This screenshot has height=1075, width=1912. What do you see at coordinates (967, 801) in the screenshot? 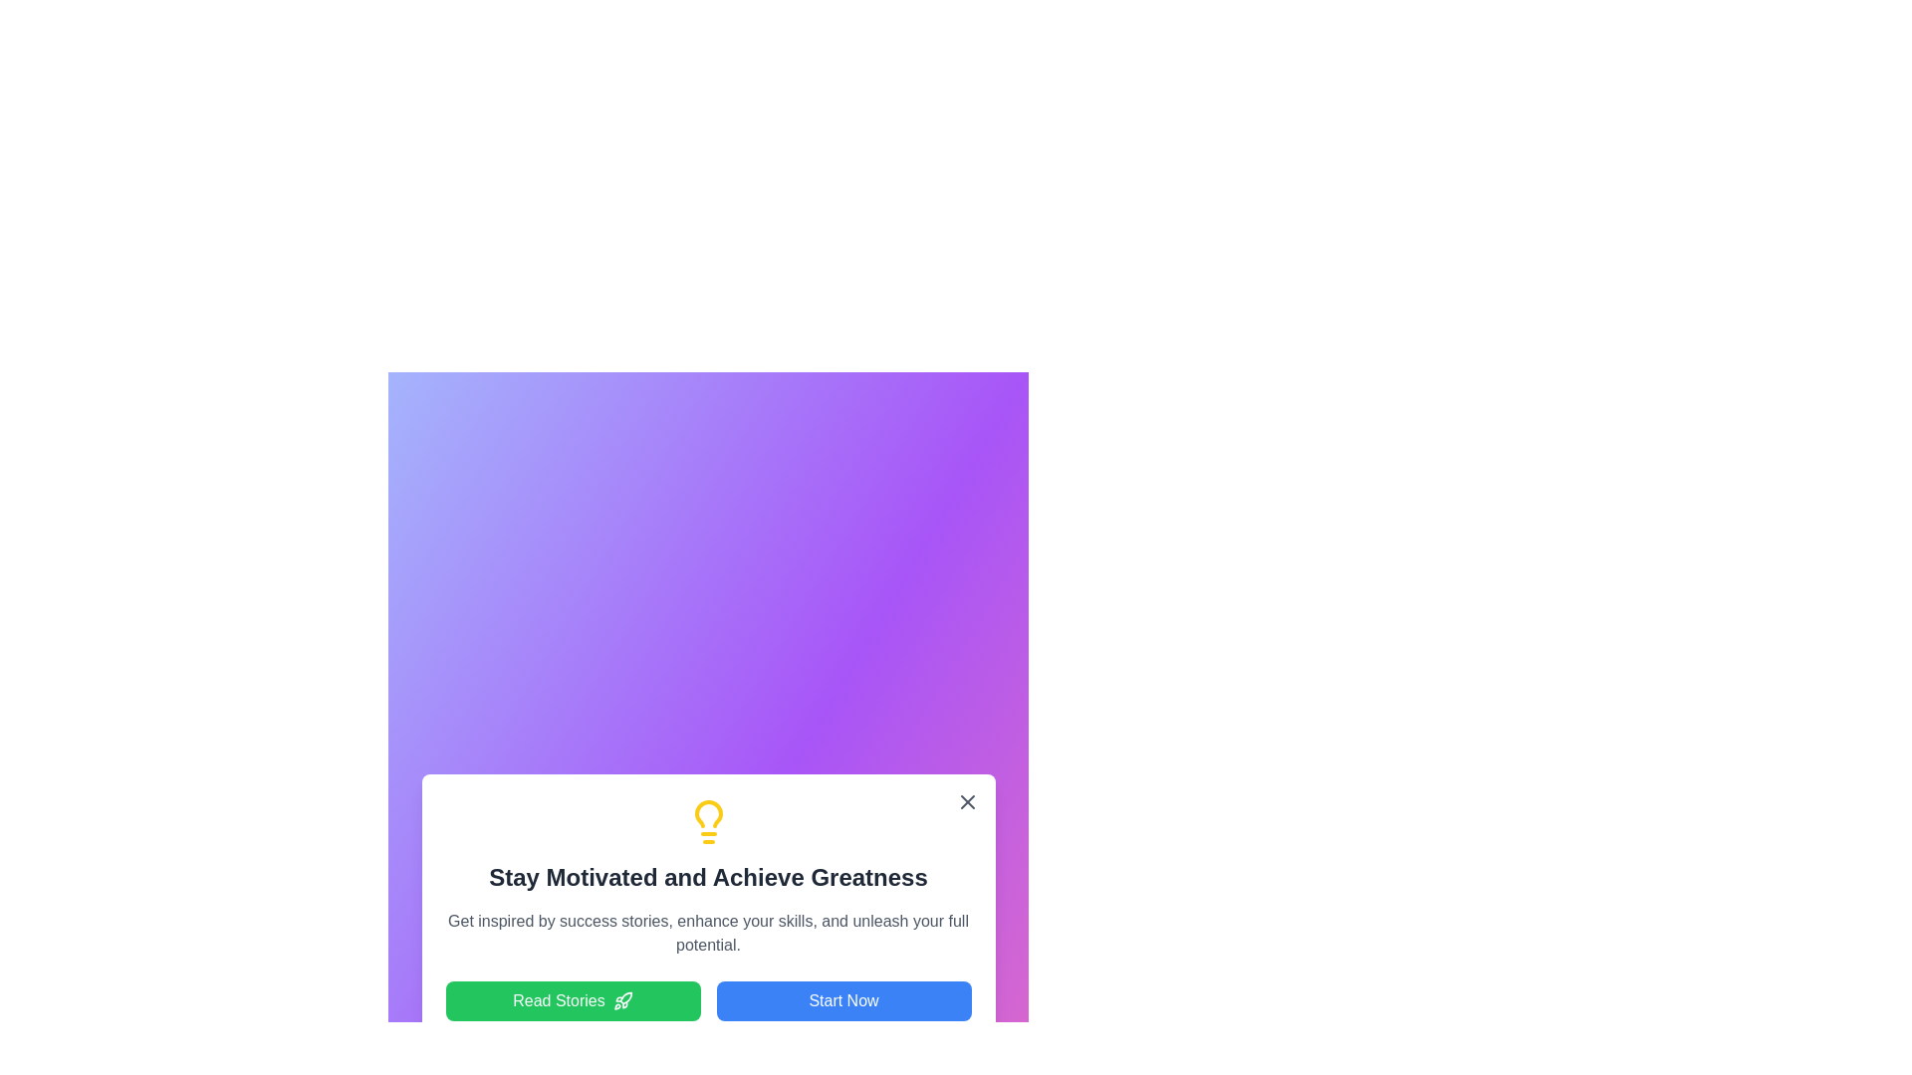
I see `the close button at the top-right corner of the dialog` at bounding box center [967, 801].